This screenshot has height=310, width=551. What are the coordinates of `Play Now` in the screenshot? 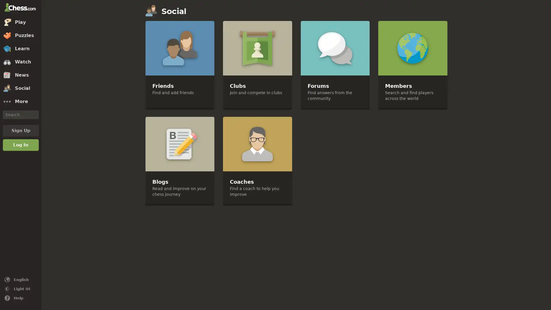 It's located at (276, 289).